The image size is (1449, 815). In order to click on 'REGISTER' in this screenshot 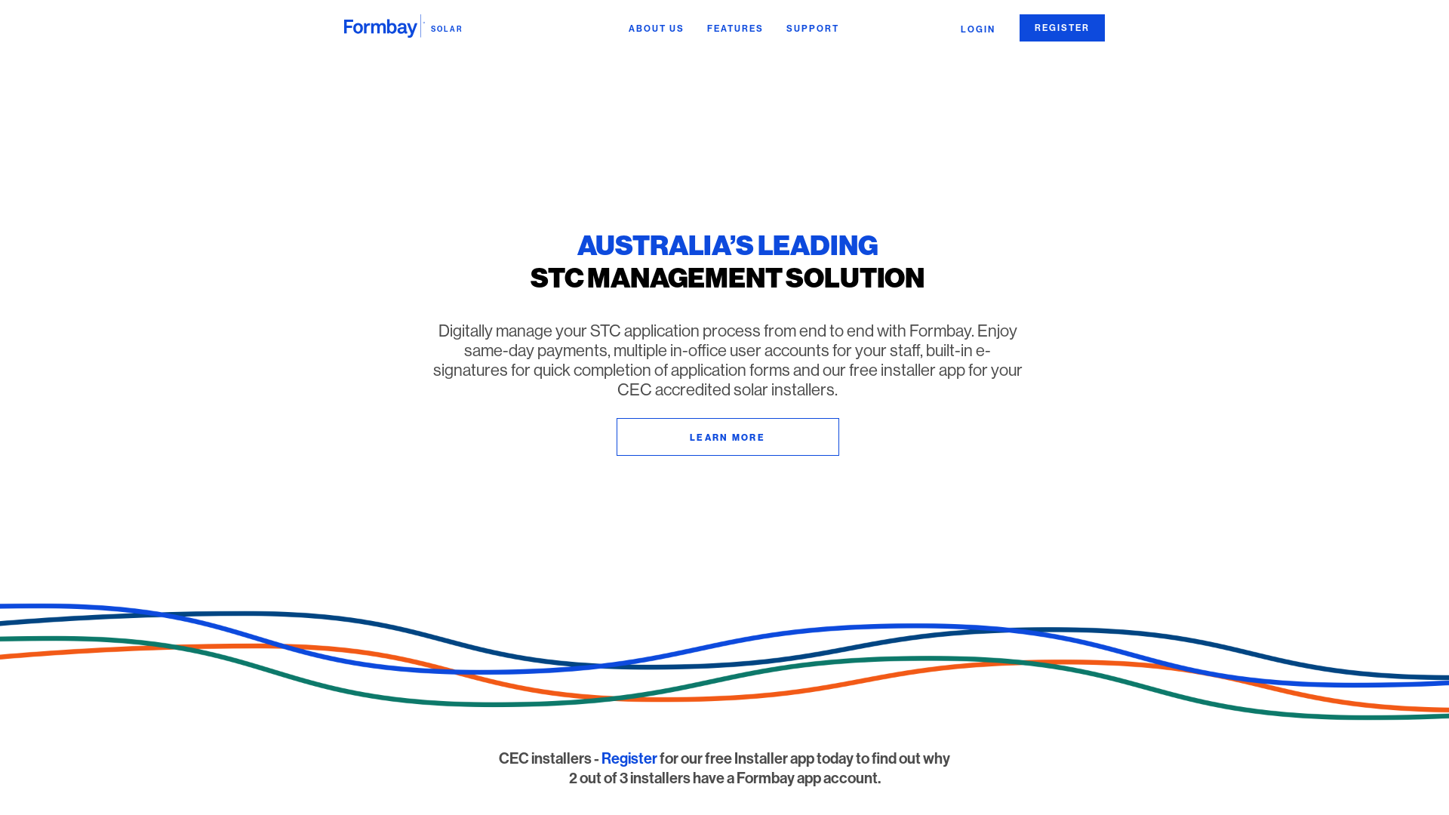, I will do `click(1061, 28)`.